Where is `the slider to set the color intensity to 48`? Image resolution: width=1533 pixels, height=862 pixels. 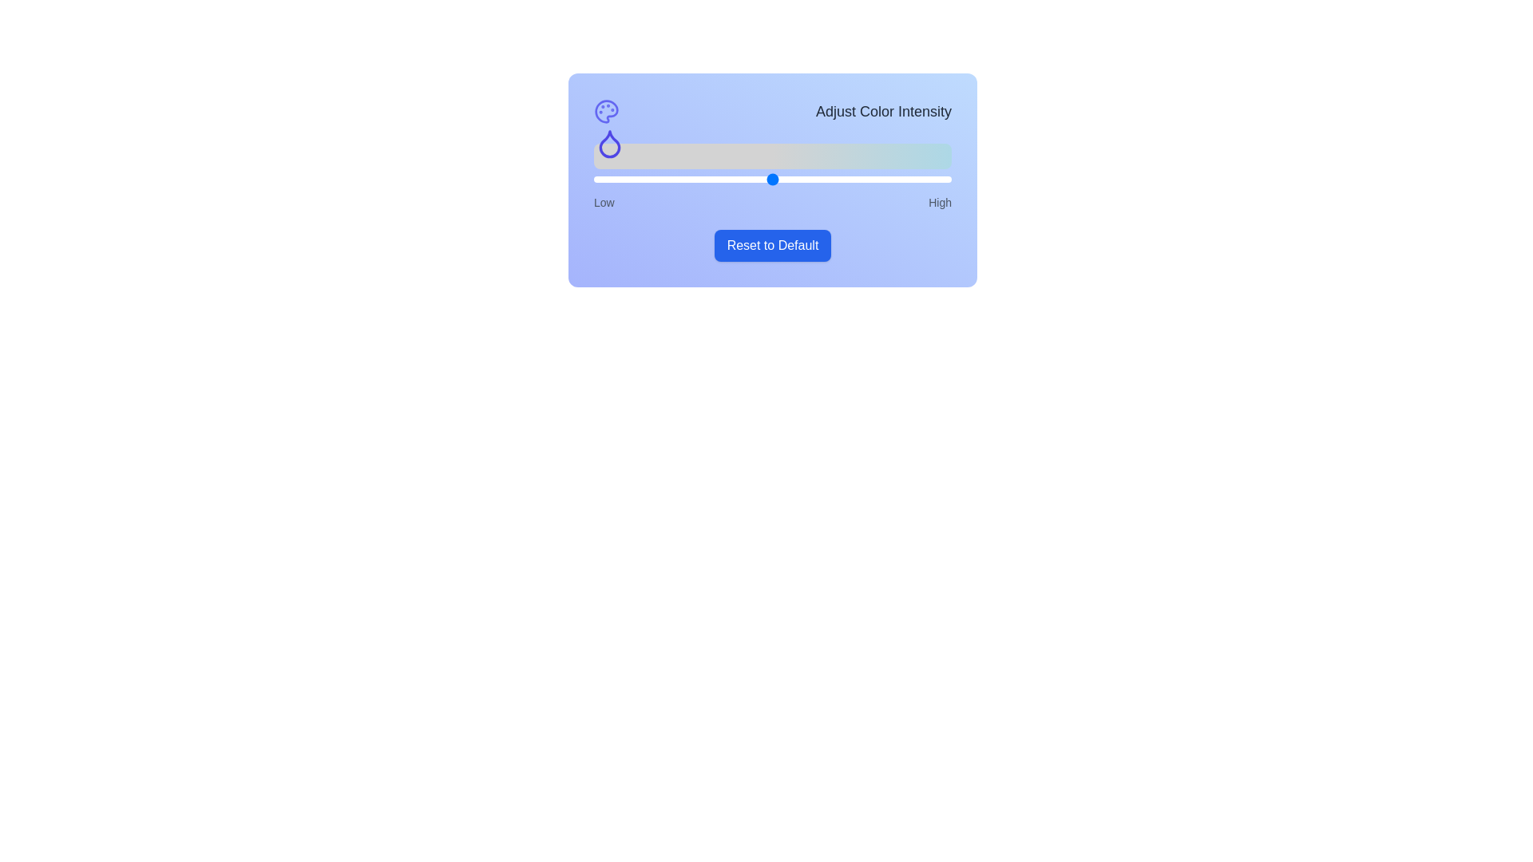 the slider to set the color intensity to 48 is located at coordinates (765, 179).